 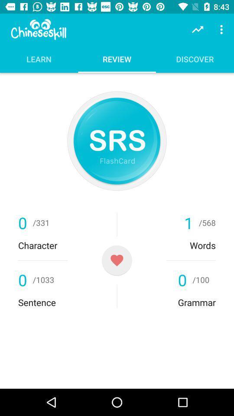 What do you see at coordinates (222, 29) in the screenshot?
I see `item above the discover` at bounding box center [222, 29].